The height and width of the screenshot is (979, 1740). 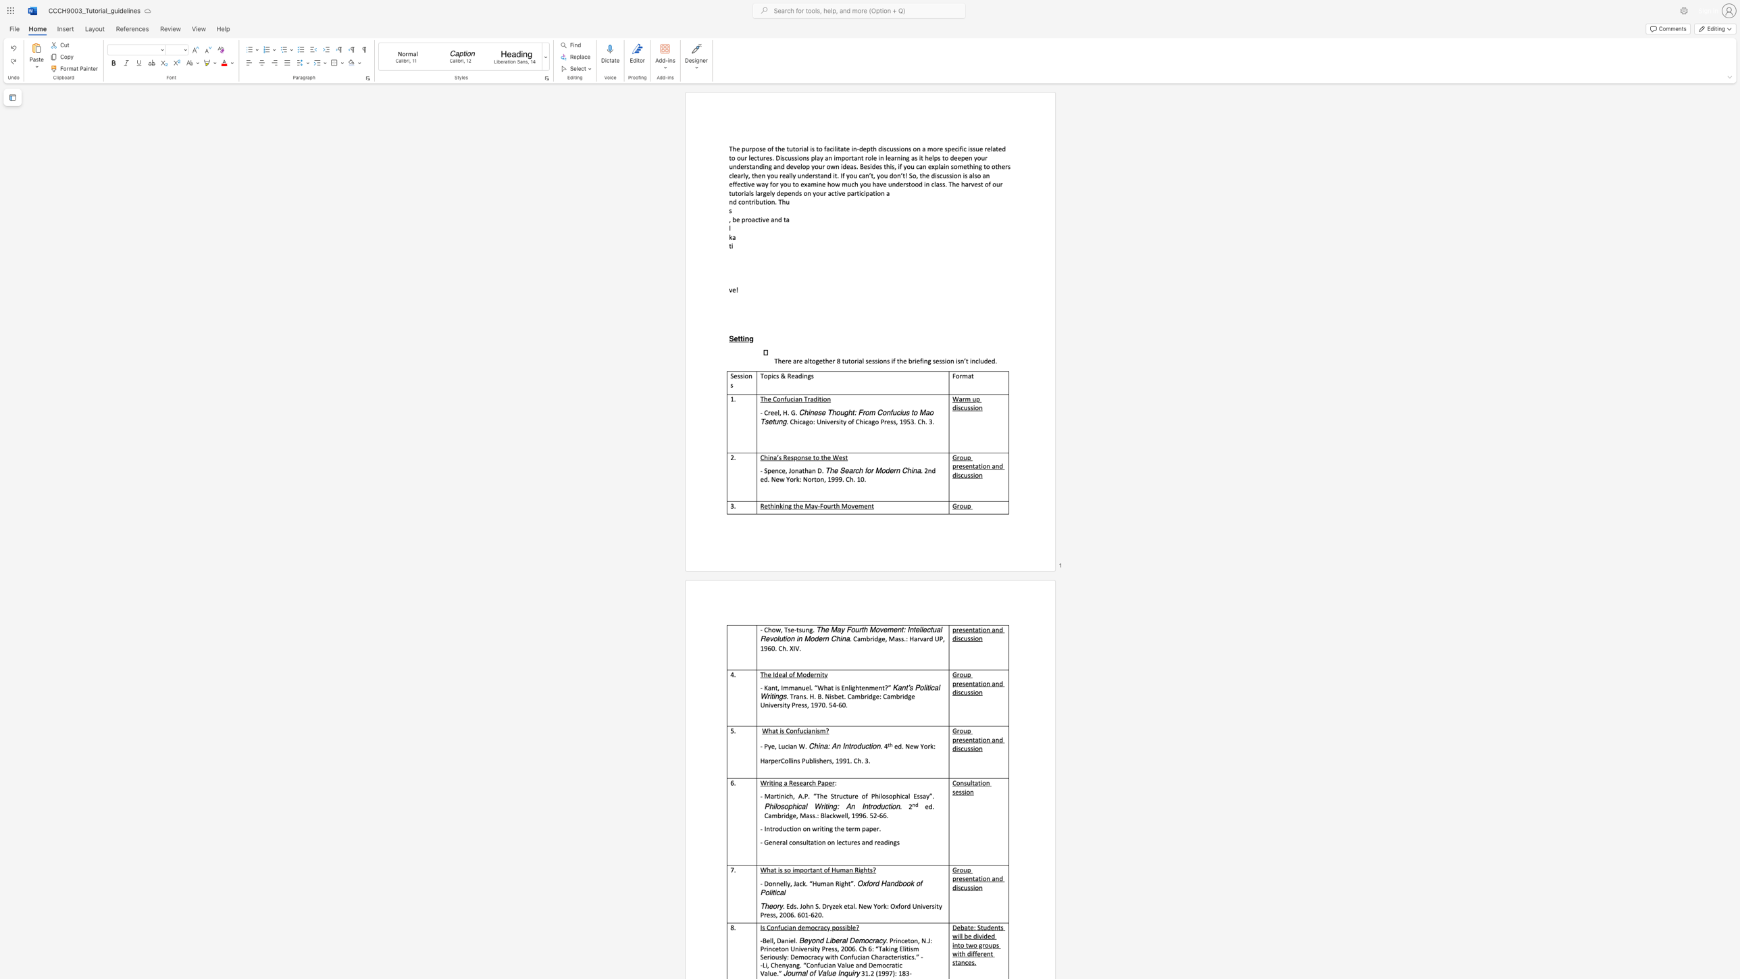 What do you see at coordinates (767, 375) in the screenshot?
I see `the space between the continuous character "o" and "p" in the text` at bounding box center [767, 375].